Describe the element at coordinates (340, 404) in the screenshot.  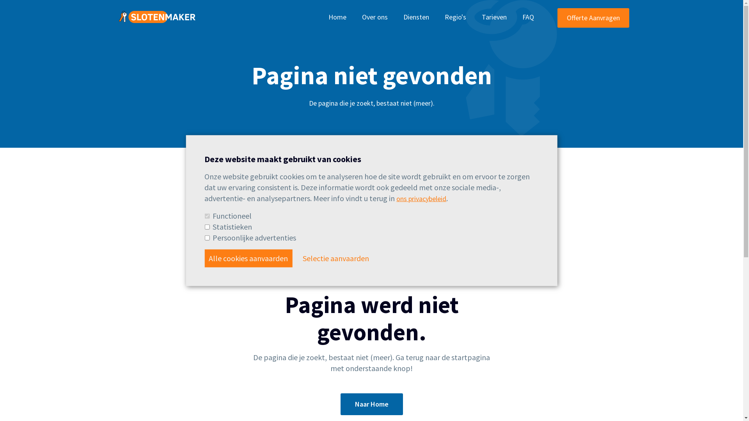
I see `'Naar Home'` at that location.